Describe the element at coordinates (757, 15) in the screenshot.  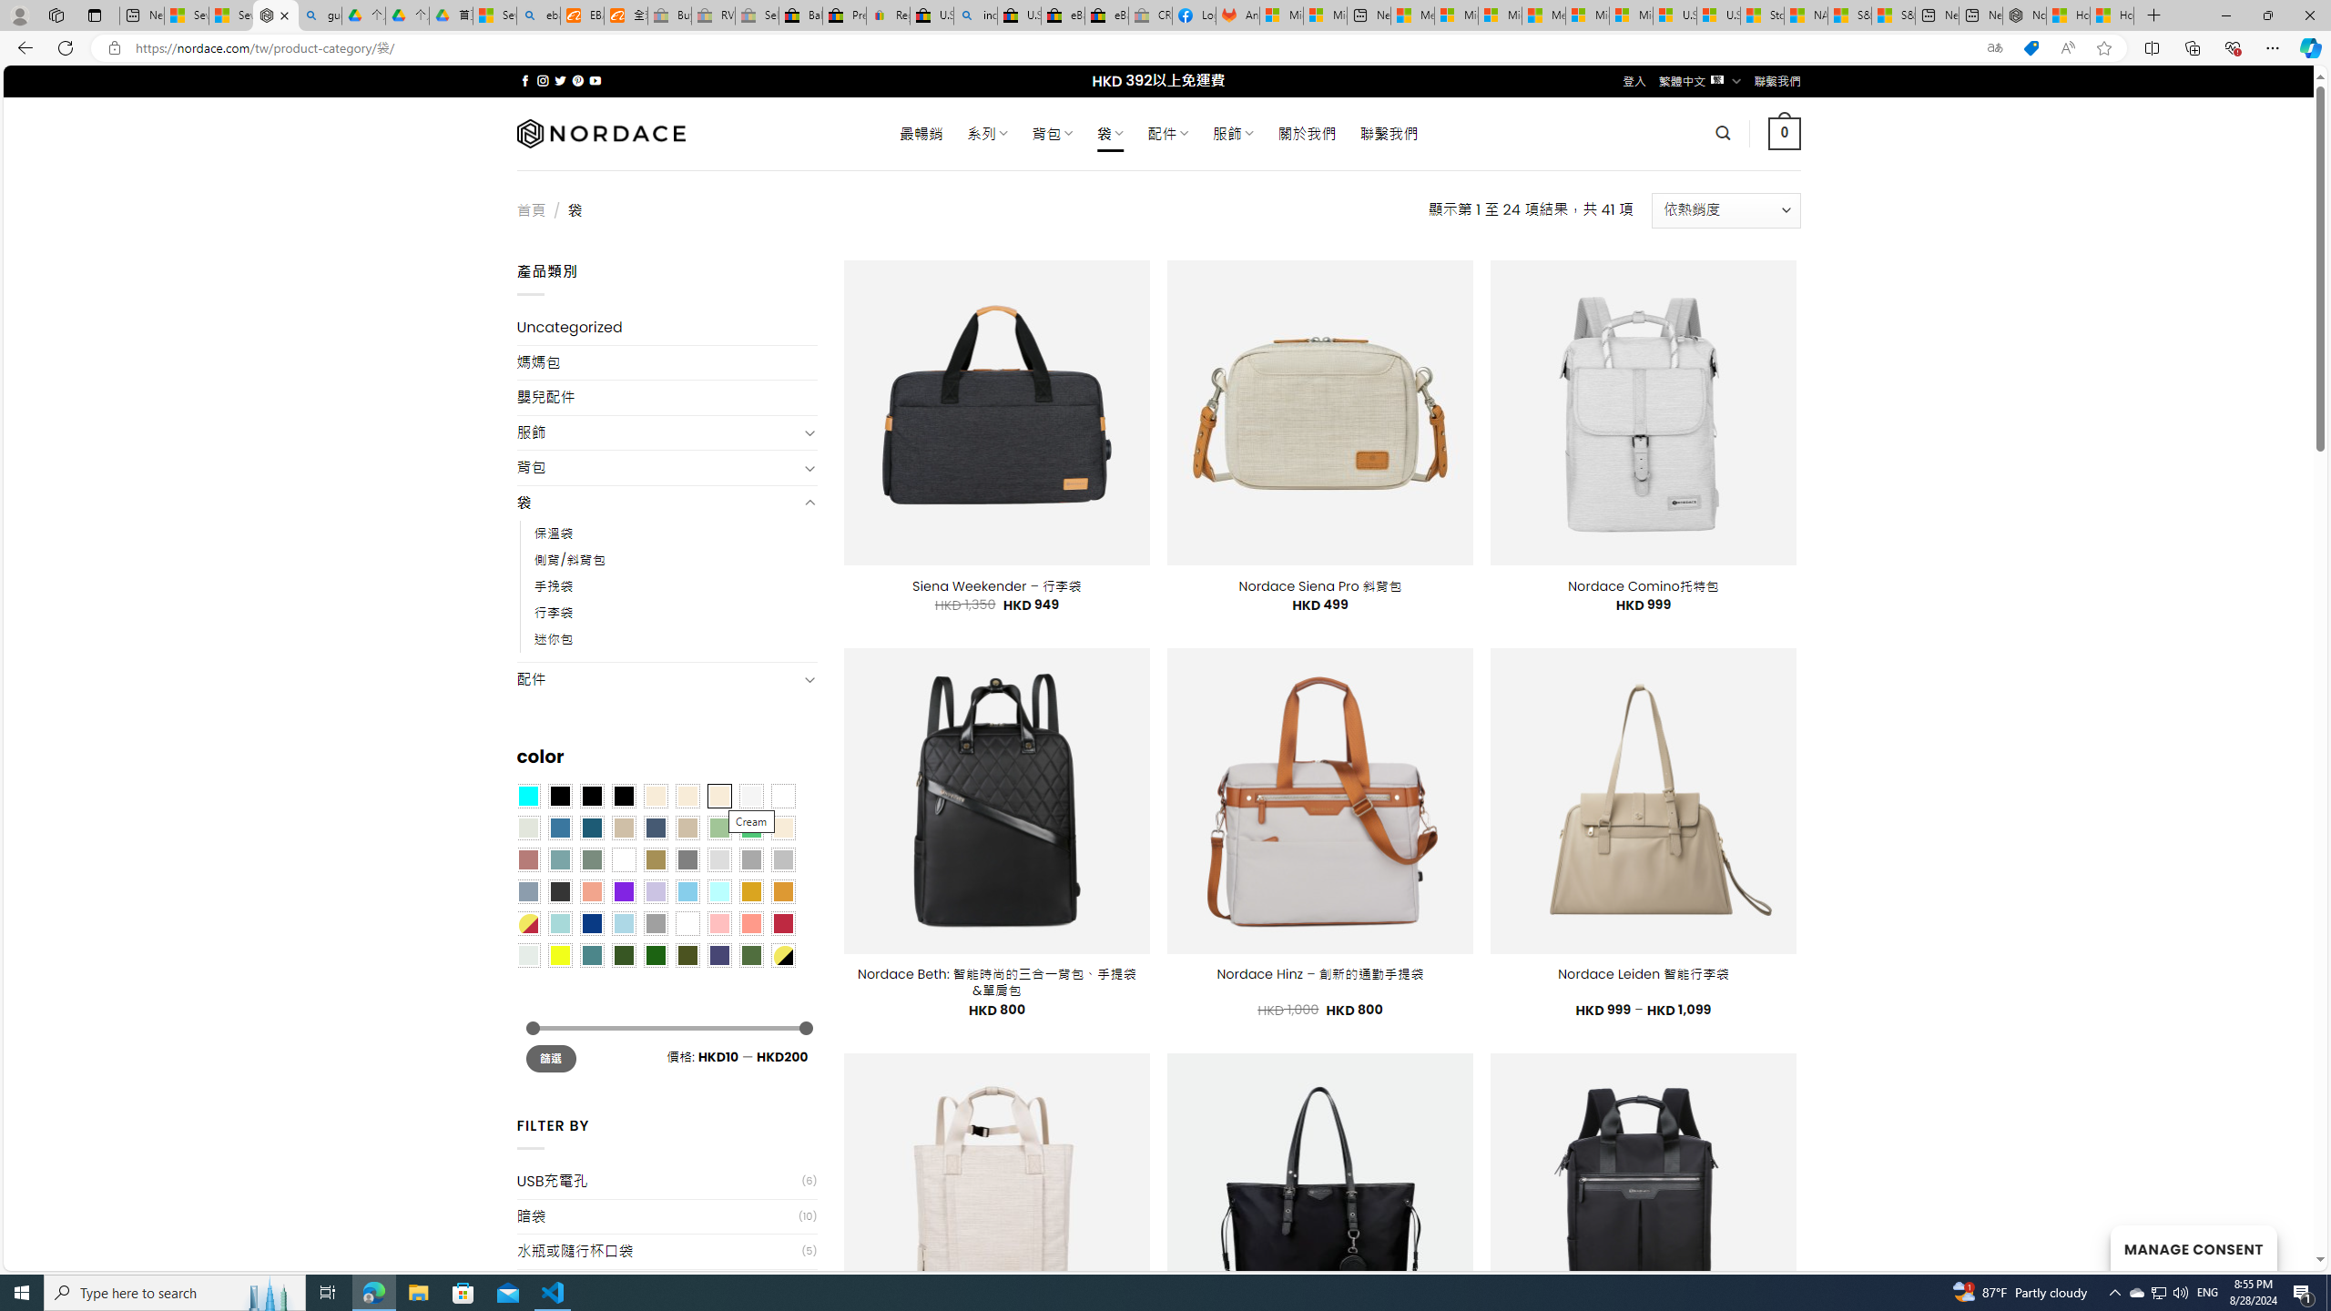
I see `'Sell worldwide with eBay - Sleeping'` at that location.